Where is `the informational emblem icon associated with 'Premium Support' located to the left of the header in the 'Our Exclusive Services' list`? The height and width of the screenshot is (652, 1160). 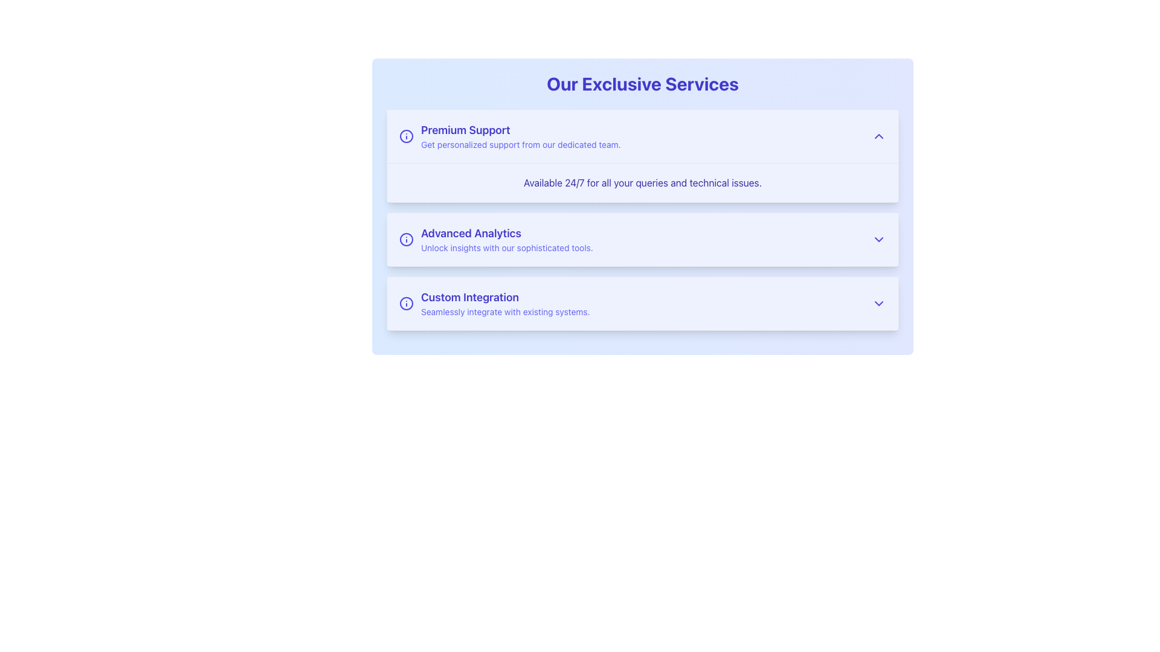 the informational emblem icon associated with 'Premium Support' located to the left of the header in the 'Our Exclusive Services' list is located at coordinates (406, 136).